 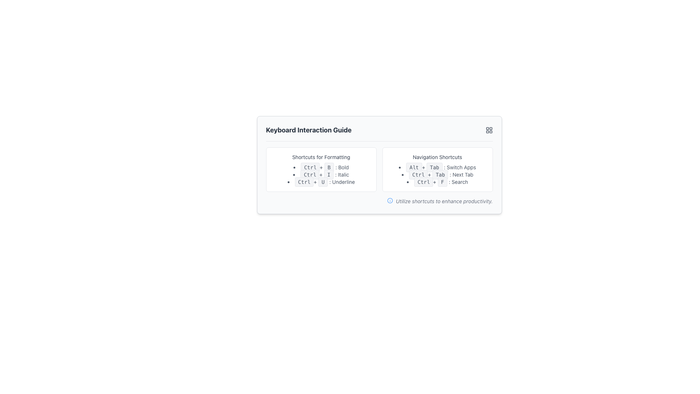 I want to click on the 'Ctrl' button-like visualization in the 'Shortcuts for Formatting' section of the 'Keyboard Interaction Guide', which is styled to resemble a keyboard key, so click(x=310, y=167).